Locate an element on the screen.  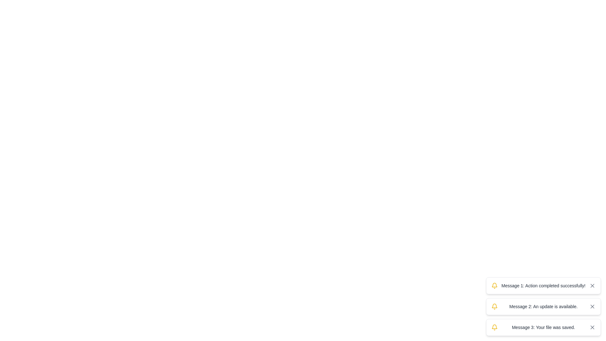
the third notification card with a white background, containing the text 'Message 3: Your file was saved.' and a close button, positioned in the bottom-right corner of the interface is located at coordinates (543, 327).